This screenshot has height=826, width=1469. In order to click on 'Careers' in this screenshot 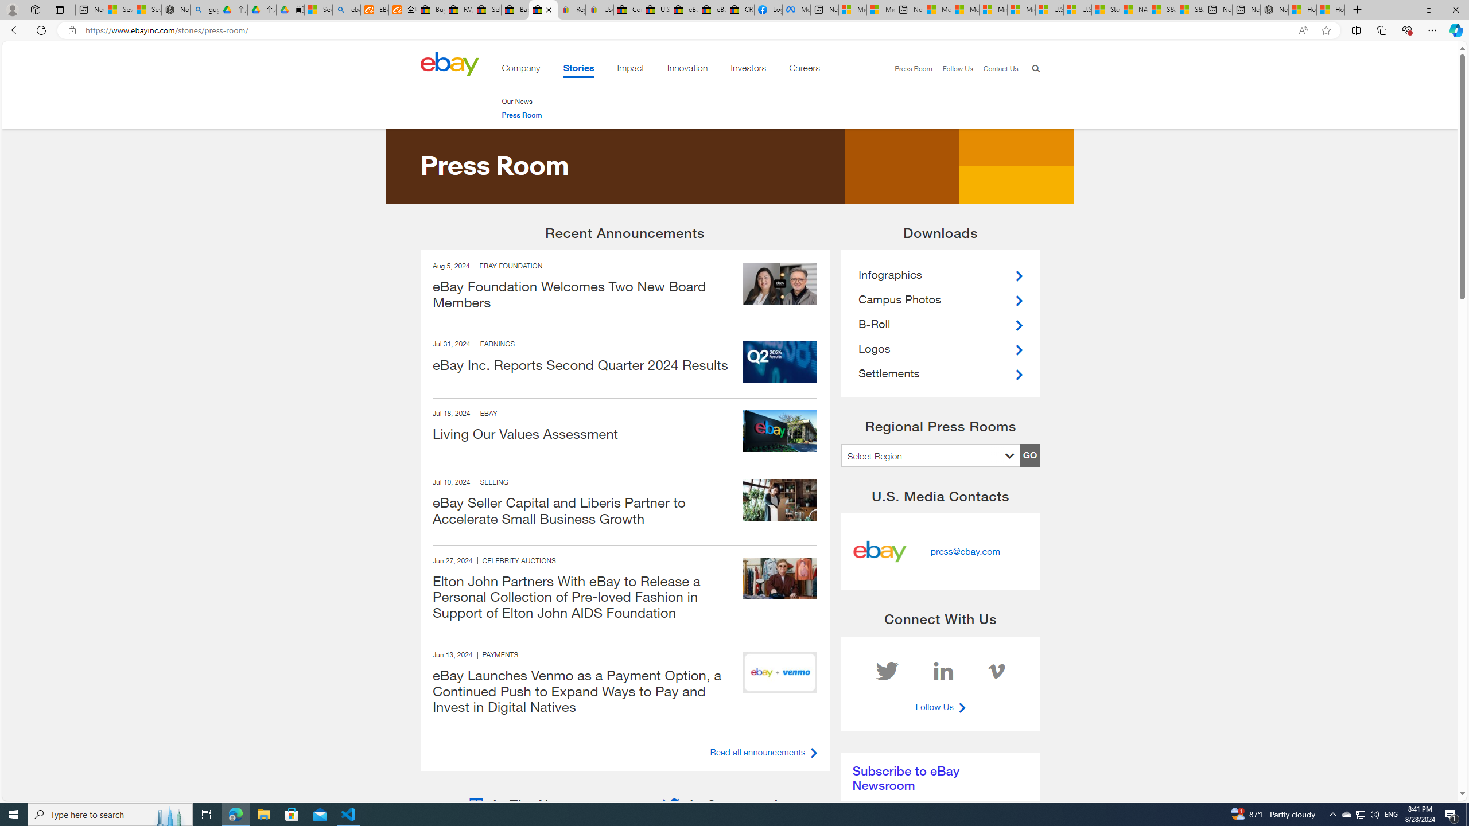, I will do `click(804, 70)`.